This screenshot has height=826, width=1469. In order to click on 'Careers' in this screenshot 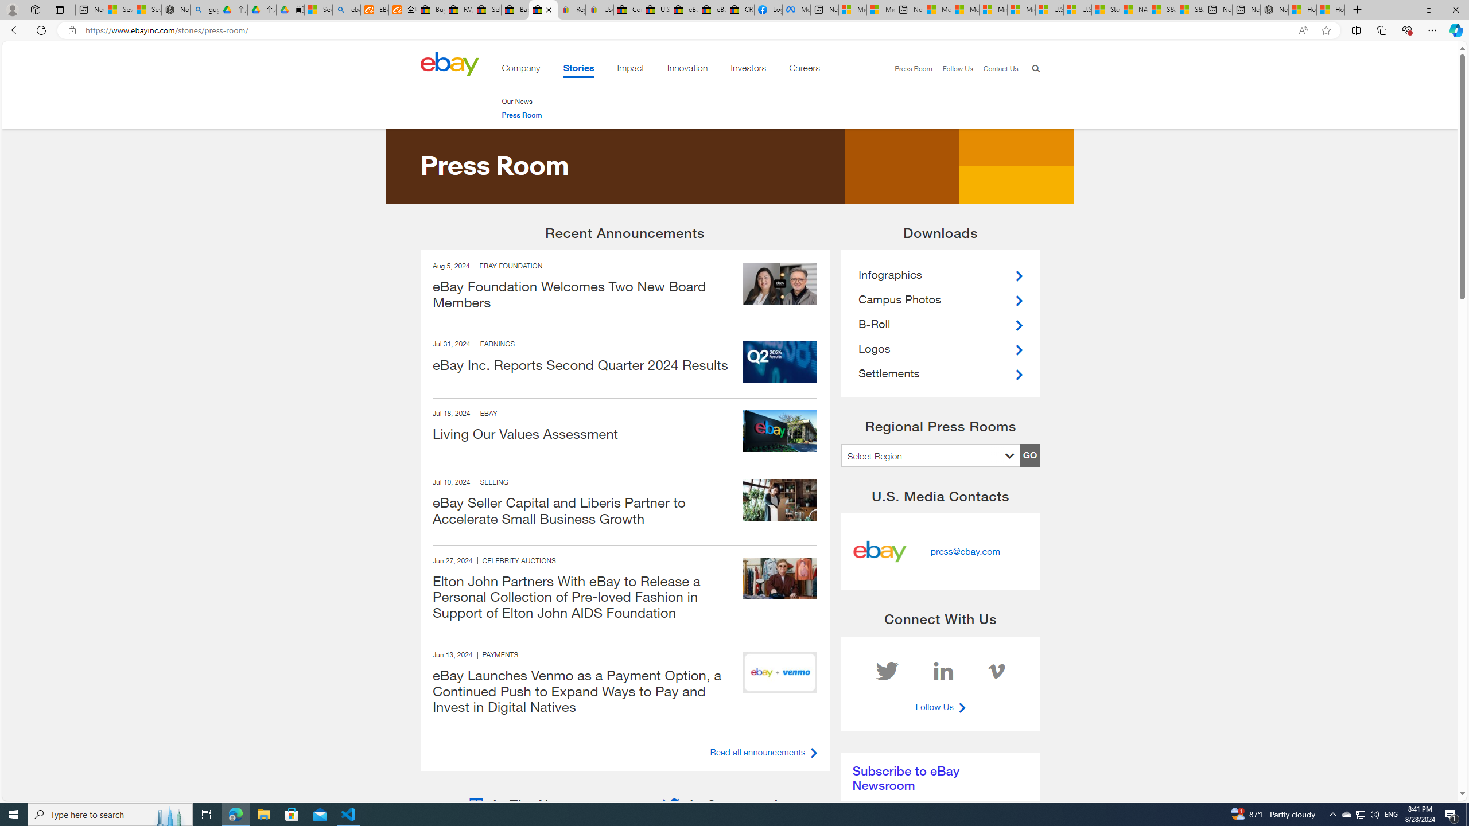, I will do `click(804, 70)`.